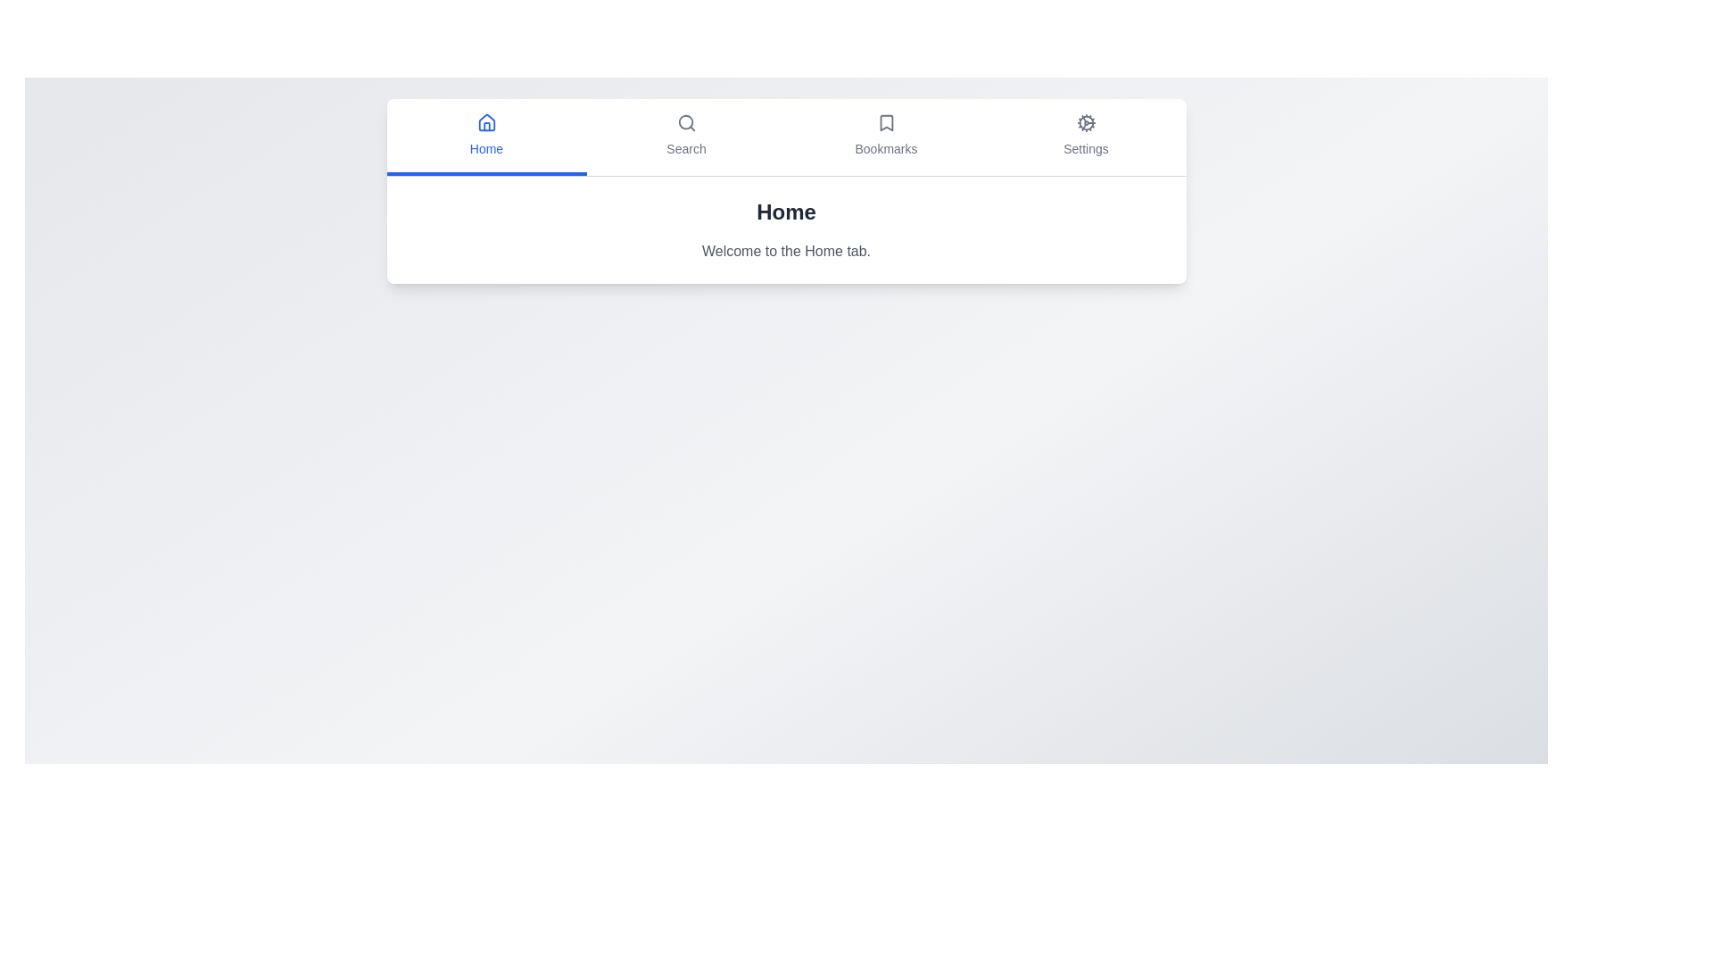 This screenshot has height=964, width=1713. Describe the element at coordinates (486, 137) in the screenshot. I see `the Home tab by clicking on its button` at that location.